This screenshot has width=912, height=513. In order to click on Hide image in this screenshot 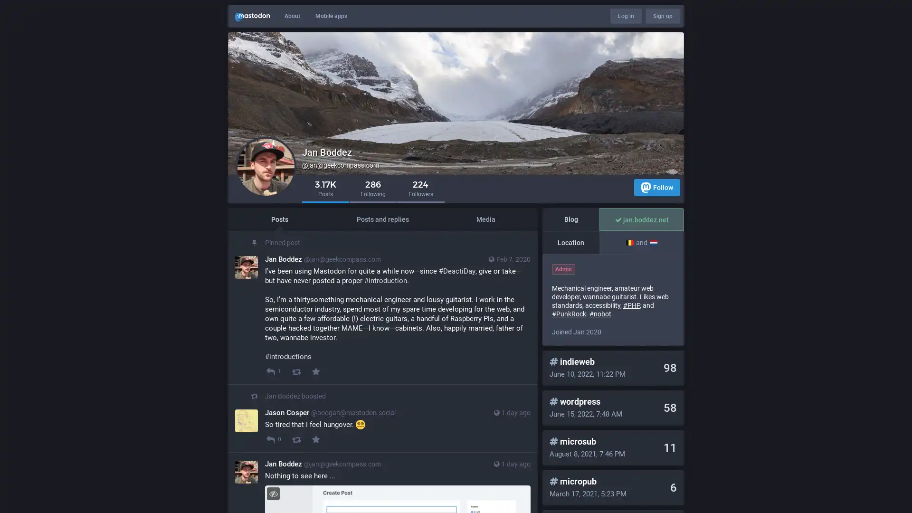, I will do `click(273, 493)`.